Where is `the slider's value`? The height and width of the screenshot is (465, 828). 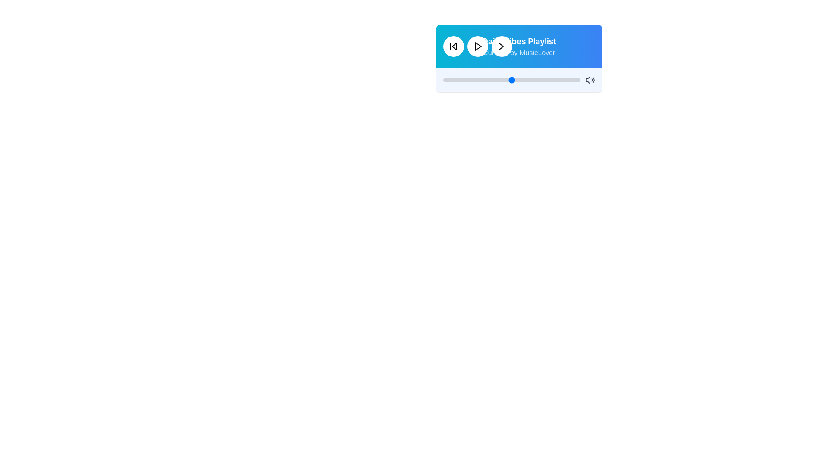 the slider's value is located at coordinates (459, 78).